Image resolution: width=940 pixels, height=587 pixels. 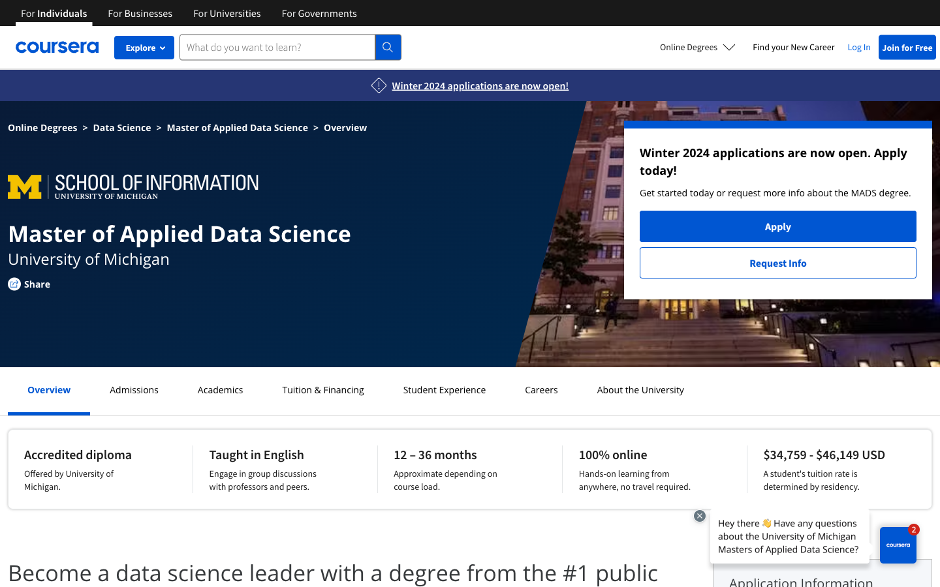 I want to click on Enroll on Coursera without any charges, so click(x=907, y=46).